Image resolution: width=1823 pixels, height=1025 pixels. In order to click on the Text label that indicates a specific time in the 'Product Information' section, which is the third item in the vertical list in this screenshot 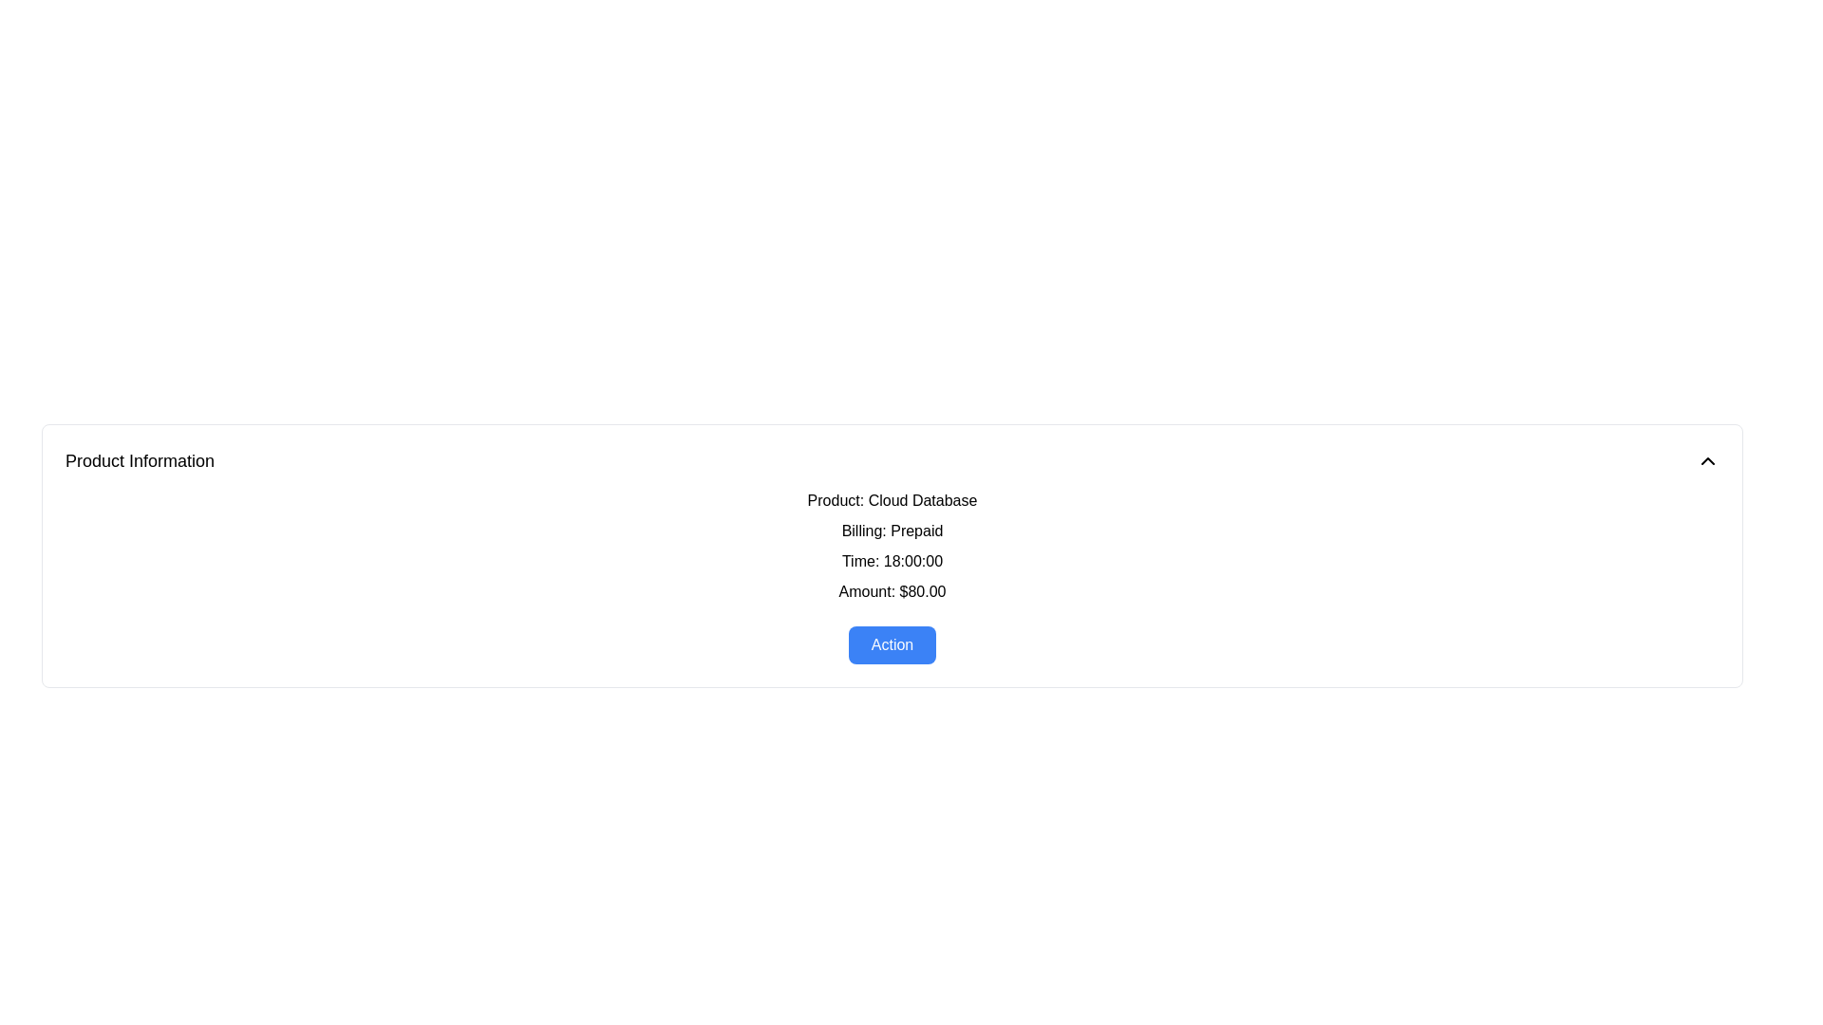, I will do `click(892, 560)`.